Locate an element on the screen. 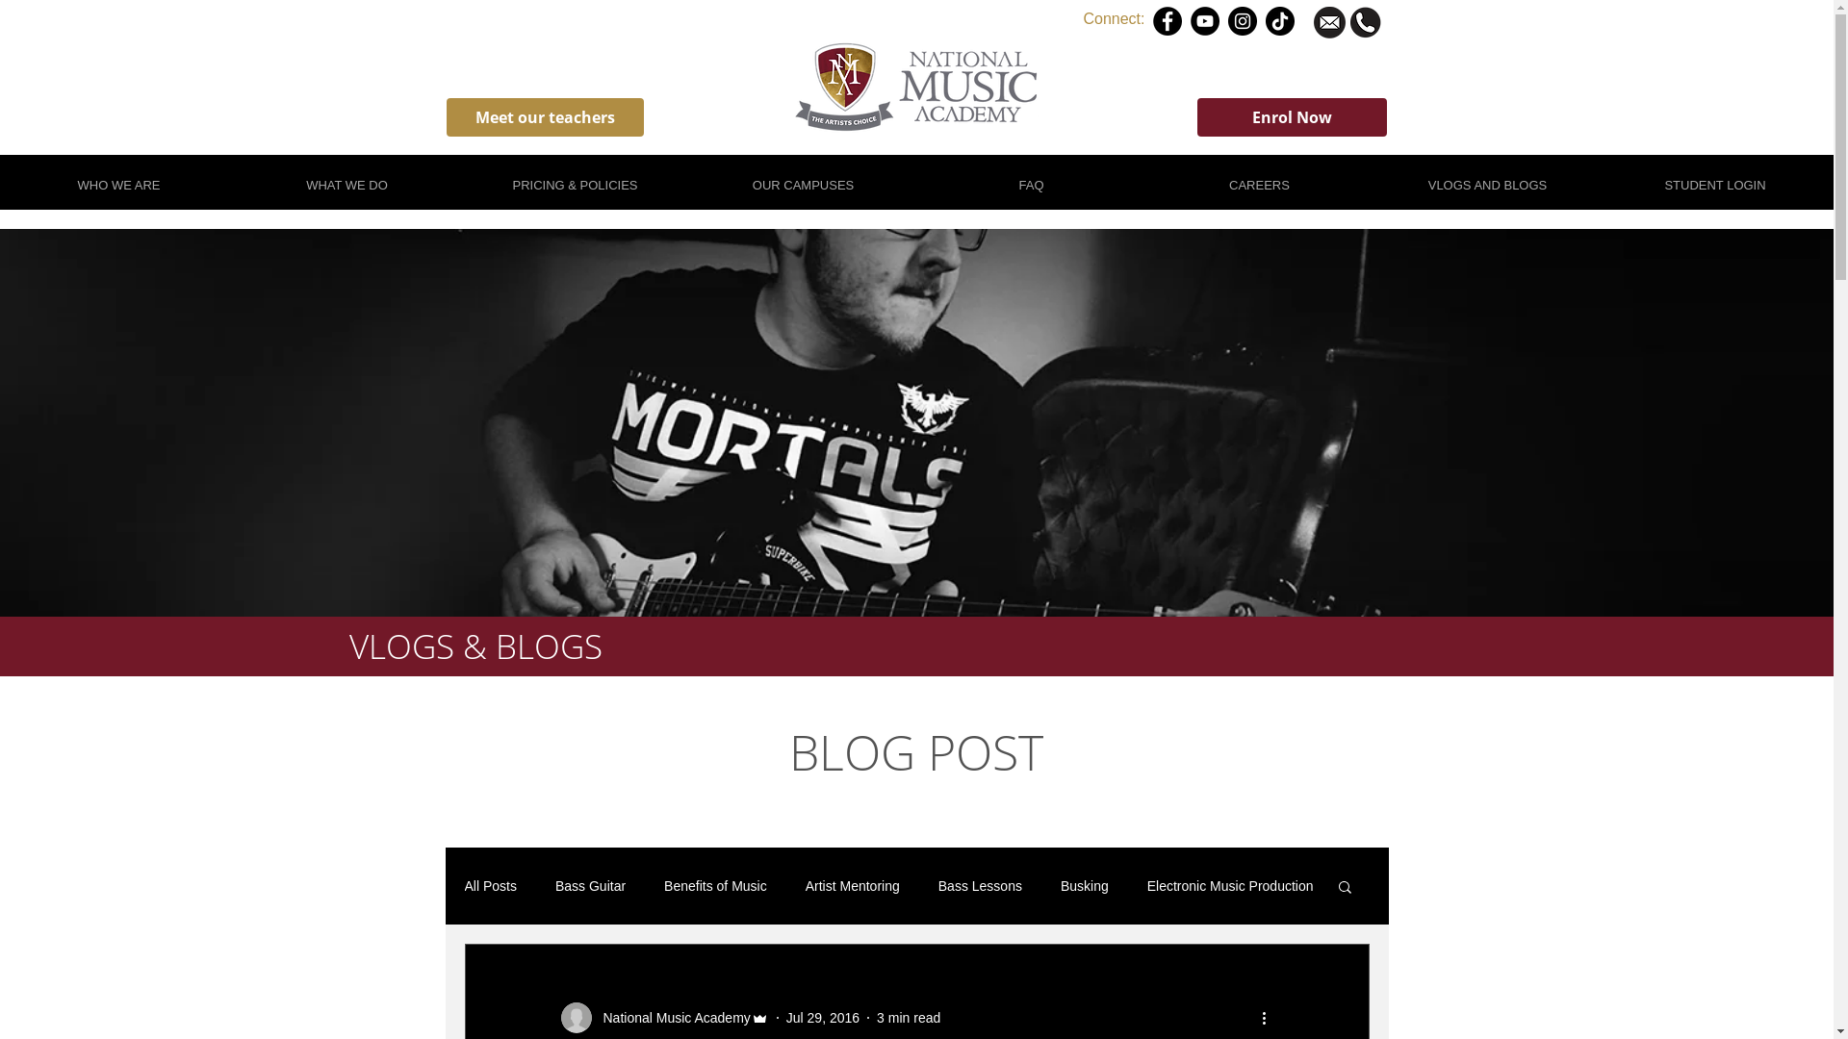 The image size is (1848, 1039). 'National Music Academy' is located at coordinates (664, 1016).